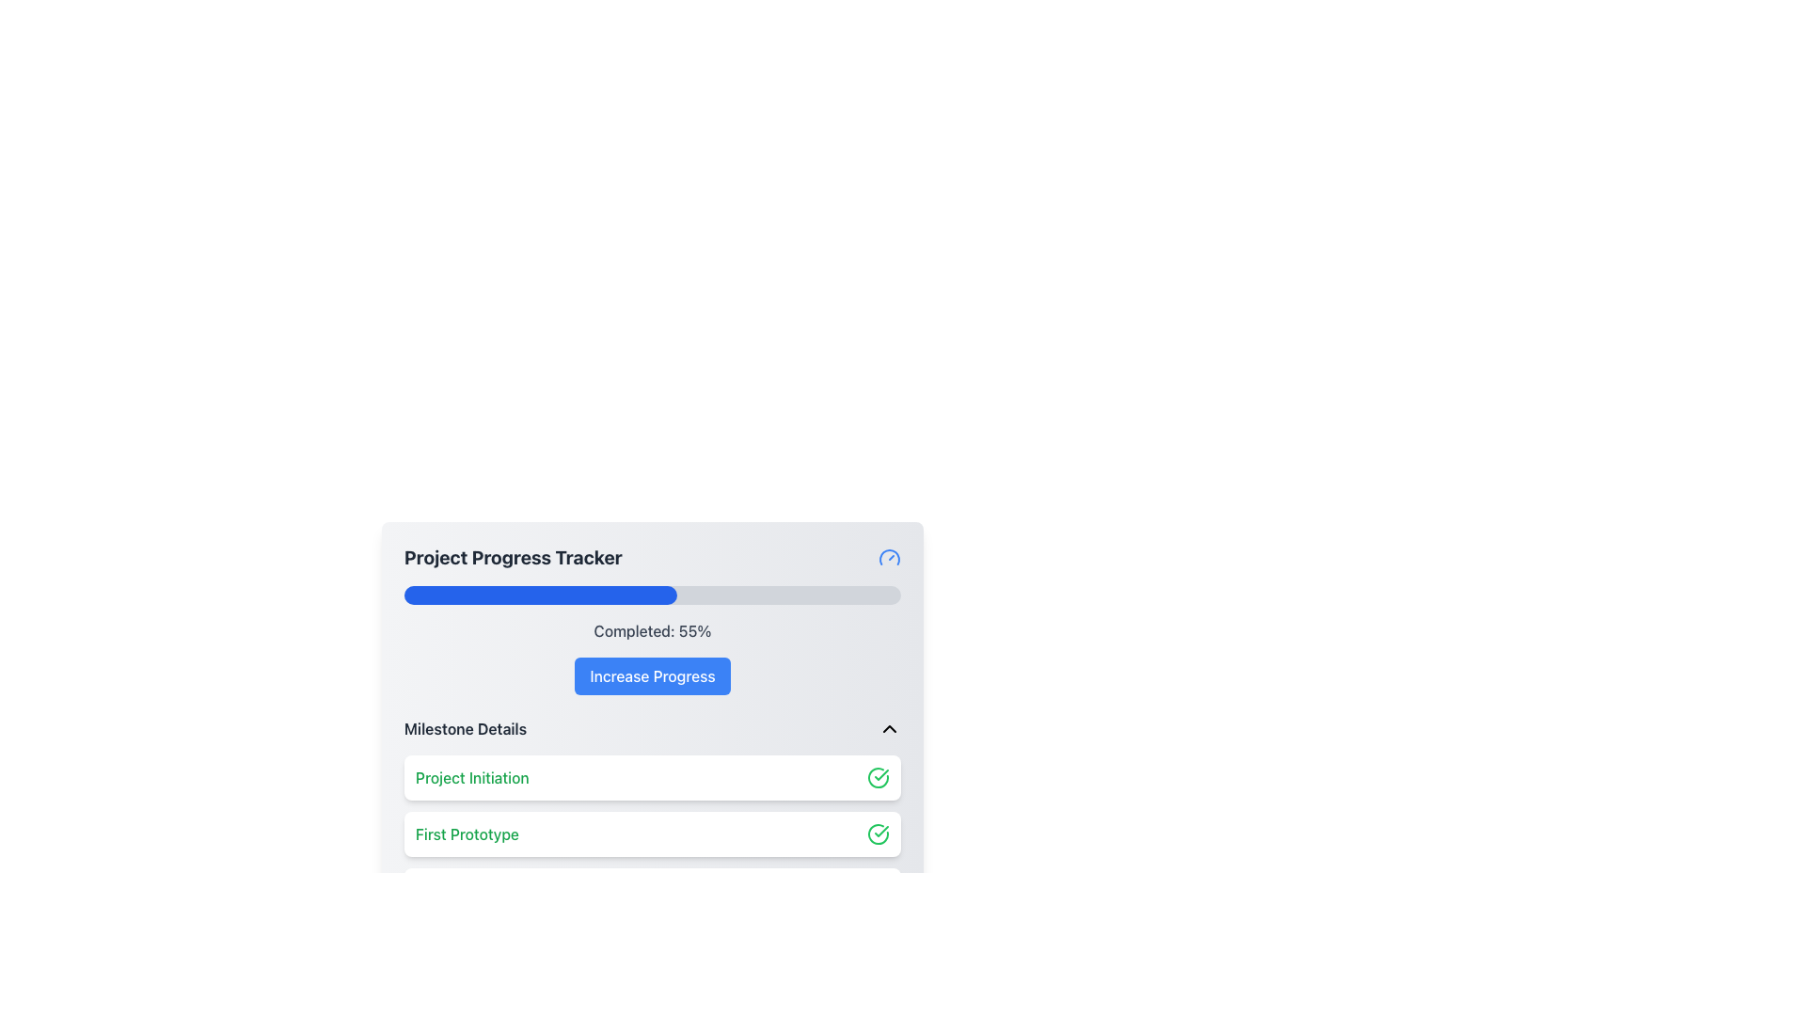 The height and width of the screenshot is (1016, 1806). Describe the element at coordinates (467, 833) in the screenshot. I see `the milestone label located under the 'Milestone Details' section` at that location.